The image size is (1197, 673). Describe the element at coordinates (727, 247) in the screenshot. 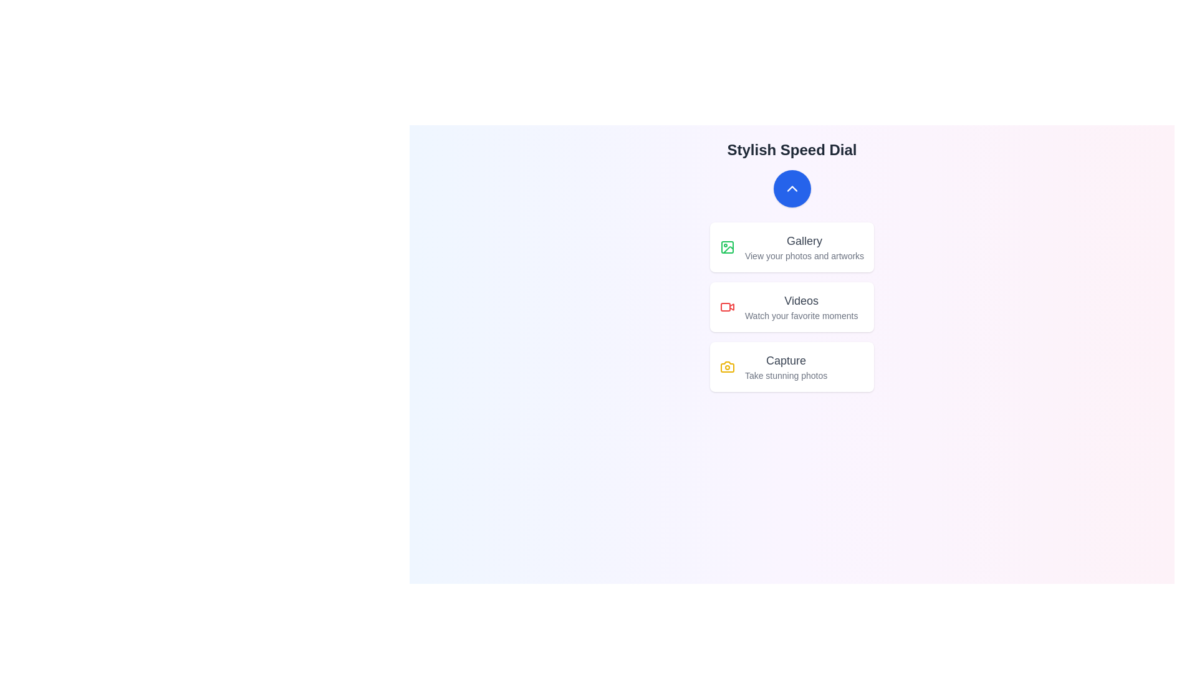

I see `the icon associated with Gallery` at that location.